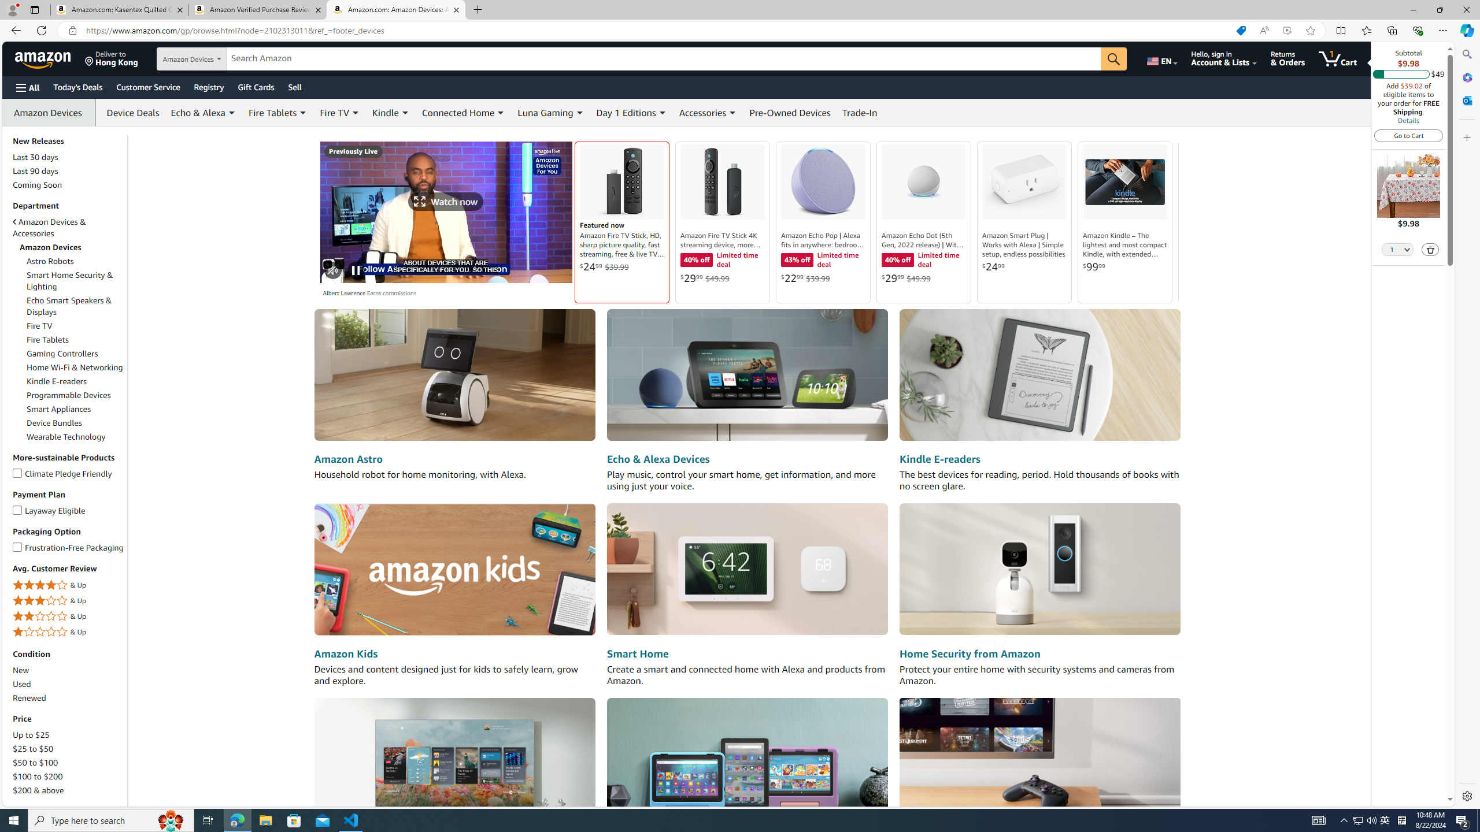  Describe the element at coordinates (68, 669) in the screenshot. I see `'New'` at that location.